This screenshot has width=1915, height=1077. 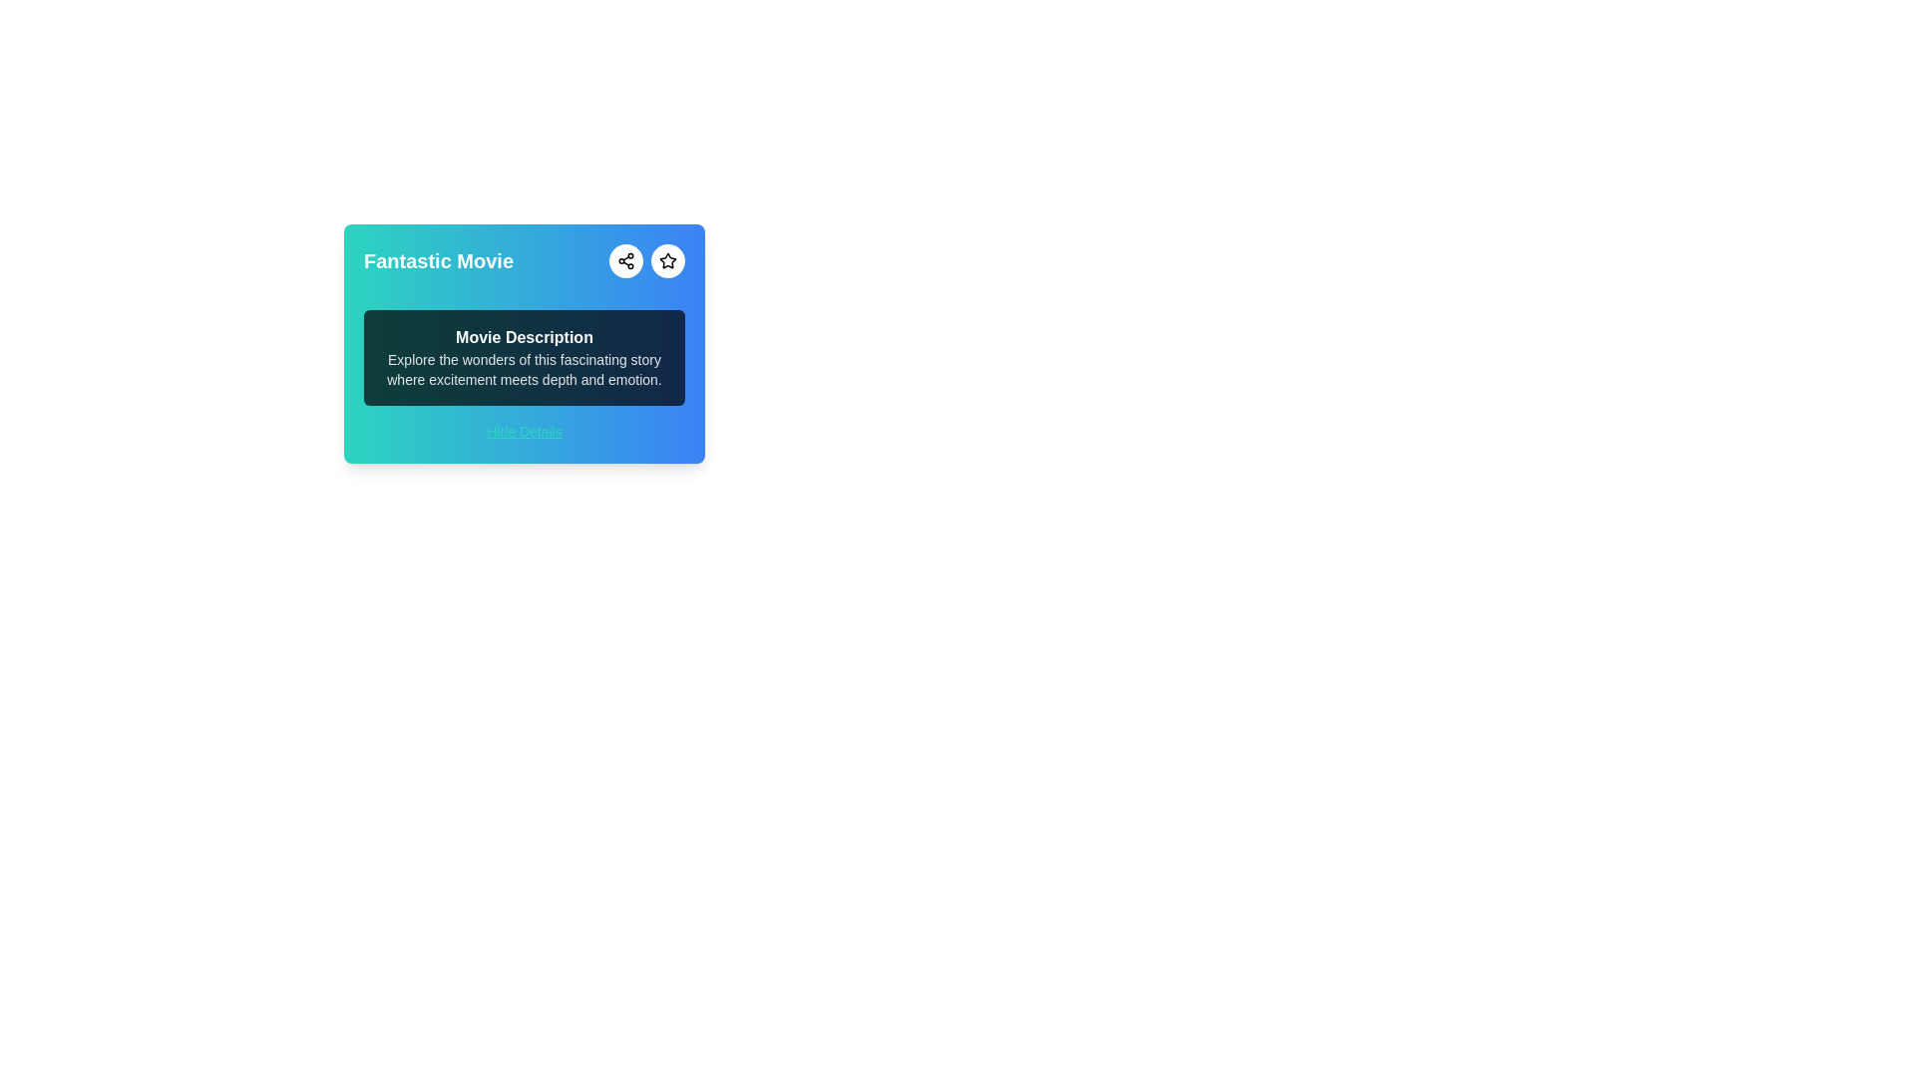 I want to click on the bold text label reading 'Movie Description' that is styled with a semibold font and placed within a dark rounded rectangle, located at the upper part of the rectangle, so click(x=525, y=337).